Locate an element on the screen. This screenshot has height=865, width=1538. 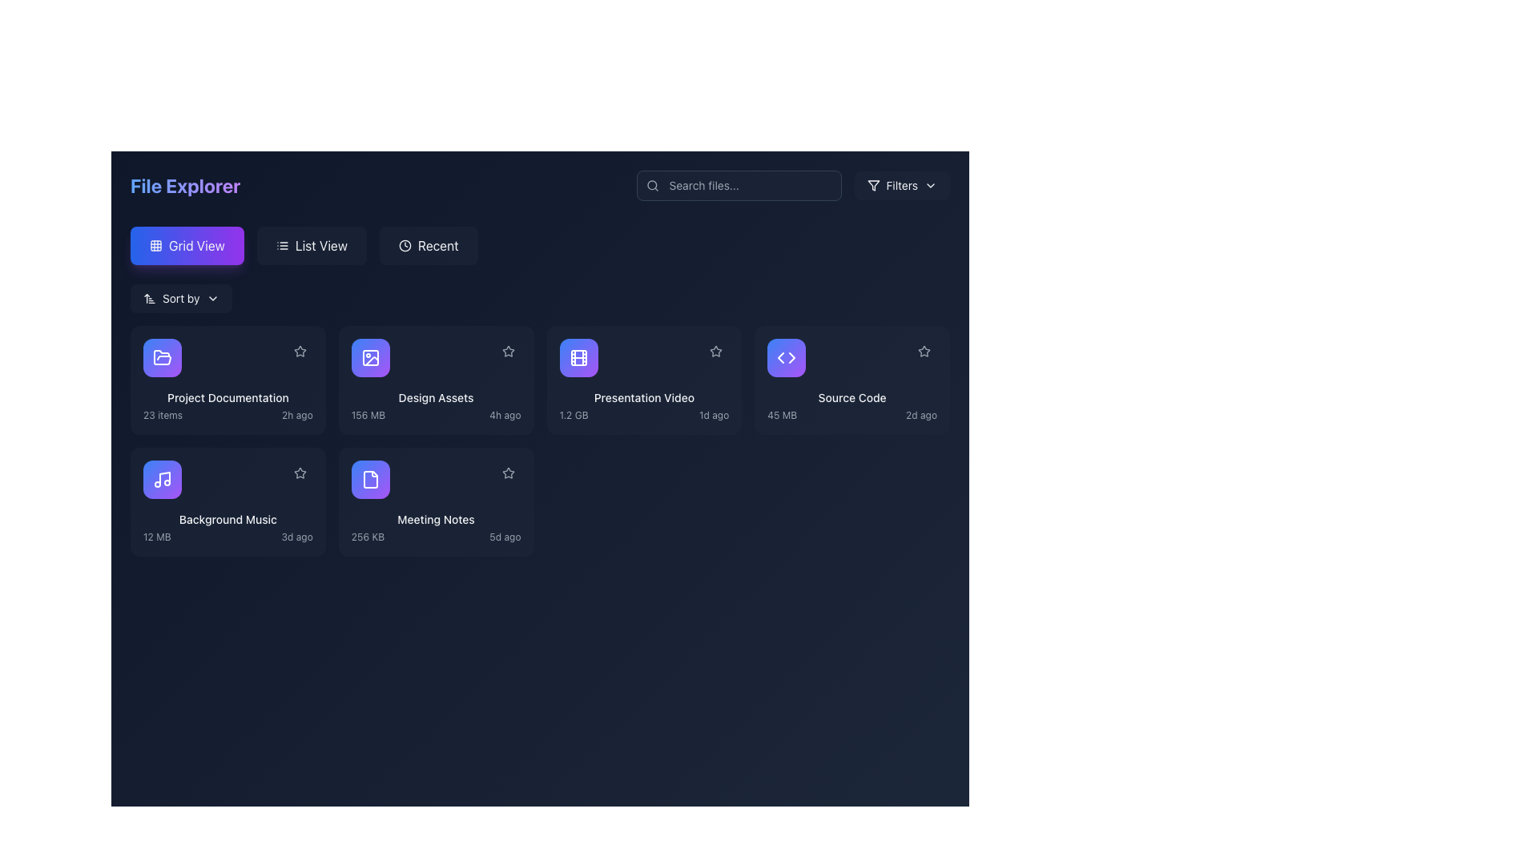
the static text label displaying '12 MB' in light gray font, located in the lower-left portion of the 'Background Music' file card, before the text '3d ago' is located at coordinates (157, 537).